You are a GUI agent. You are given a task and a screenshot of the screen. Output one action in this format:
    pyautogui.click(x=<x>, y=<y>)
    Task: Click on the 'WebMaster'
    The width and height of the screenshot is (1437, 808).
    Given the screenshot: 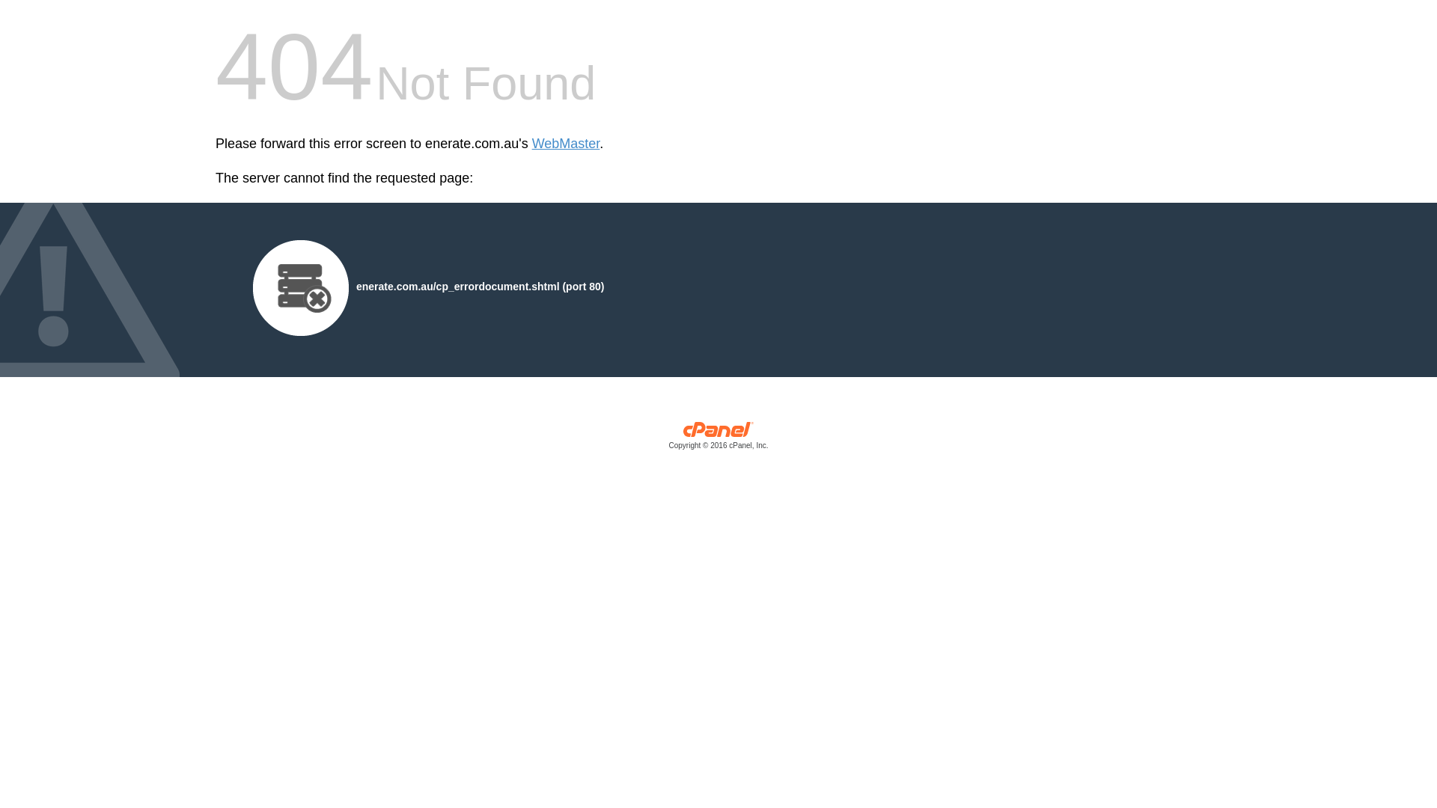 What is the action you would take?
    pyautogui.click(x=565, y=144)
    